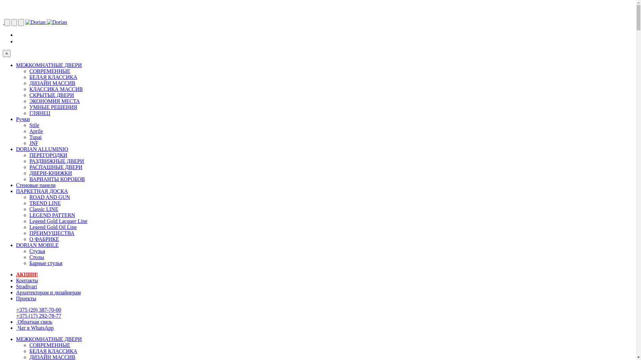 This screenshot has width=641, height=360. Describe the element at coordinates (36, 131) in the screenshot. I see `'Aprile'` at that location.